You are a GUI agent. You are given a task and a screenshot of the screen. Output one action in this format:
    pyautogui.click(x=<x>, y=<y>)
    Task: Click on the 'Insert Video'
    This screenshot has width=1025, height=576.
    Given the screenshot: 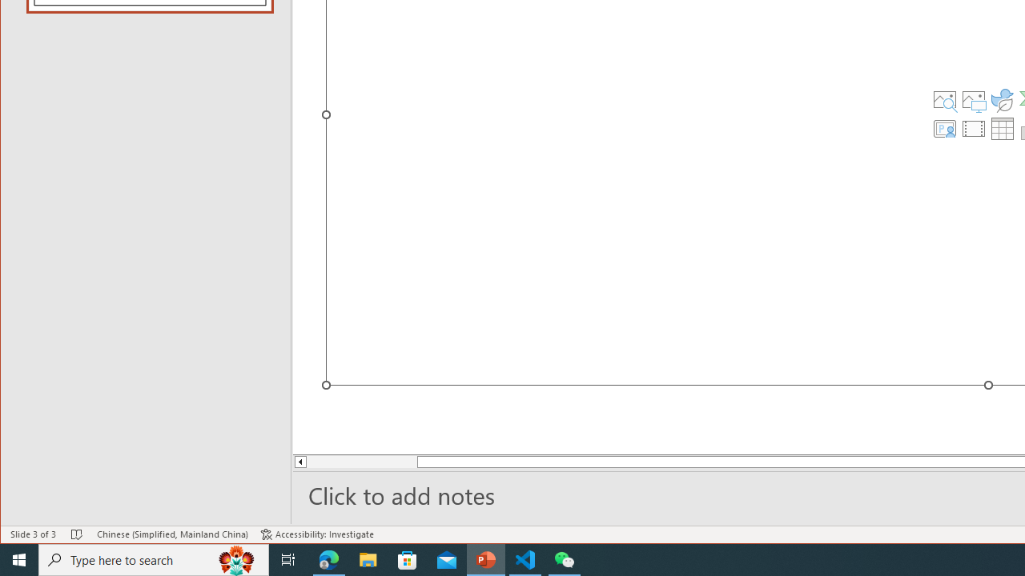 What is the action you would take?
    pyautogui.click(x=973, y=127)
    